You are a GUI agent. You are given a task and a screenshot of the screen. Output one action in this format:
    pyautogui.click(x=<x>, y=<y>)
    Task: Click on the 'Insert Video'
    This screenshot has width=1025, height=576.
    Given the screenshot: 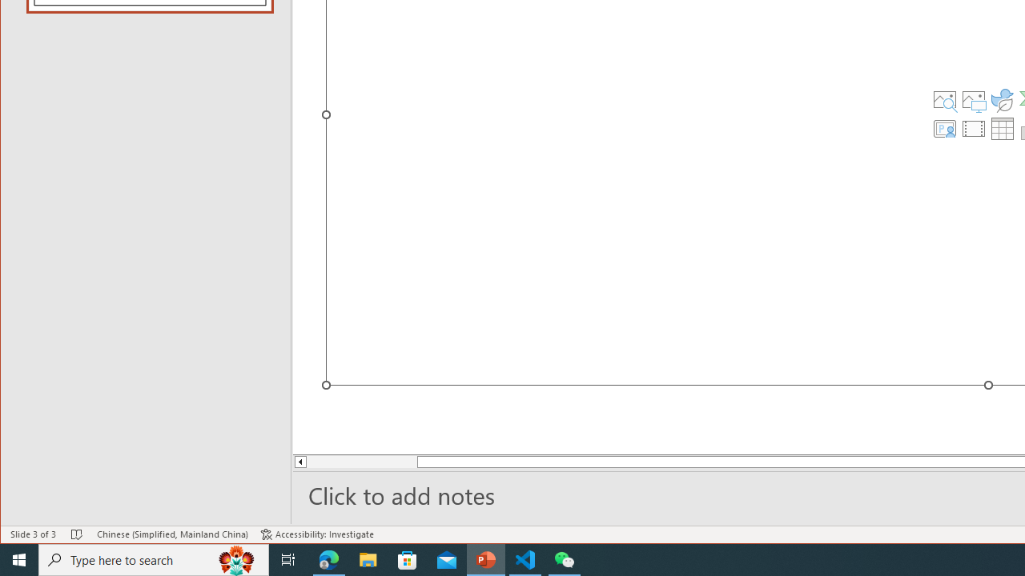 What is the action you would take?
    pyautogui.click(x=973, y=127)
    